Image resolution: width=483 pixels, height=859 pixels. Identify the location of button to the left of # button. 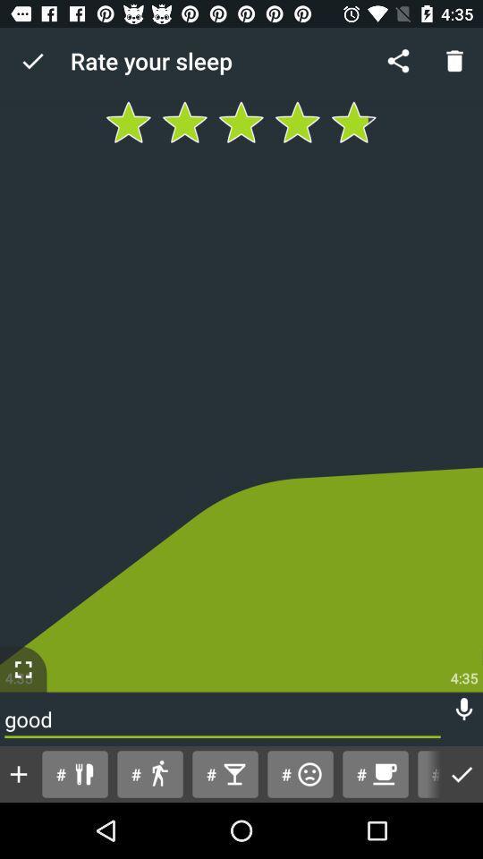
(300, 773).